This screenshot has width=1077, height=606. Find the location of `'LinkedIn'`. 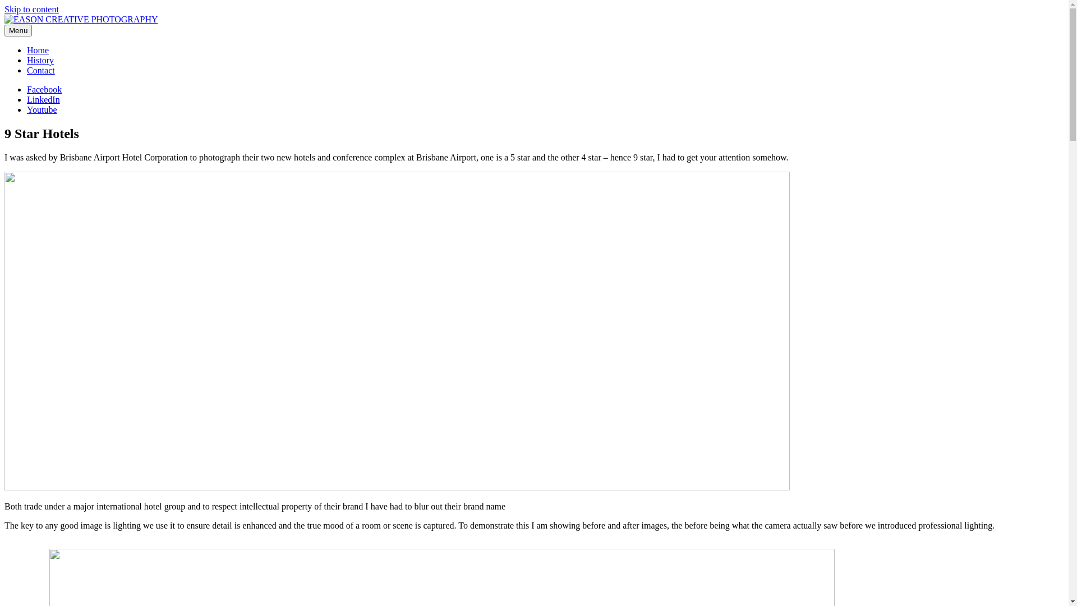

'LinkedIn' is located at coordinates (27, 99).